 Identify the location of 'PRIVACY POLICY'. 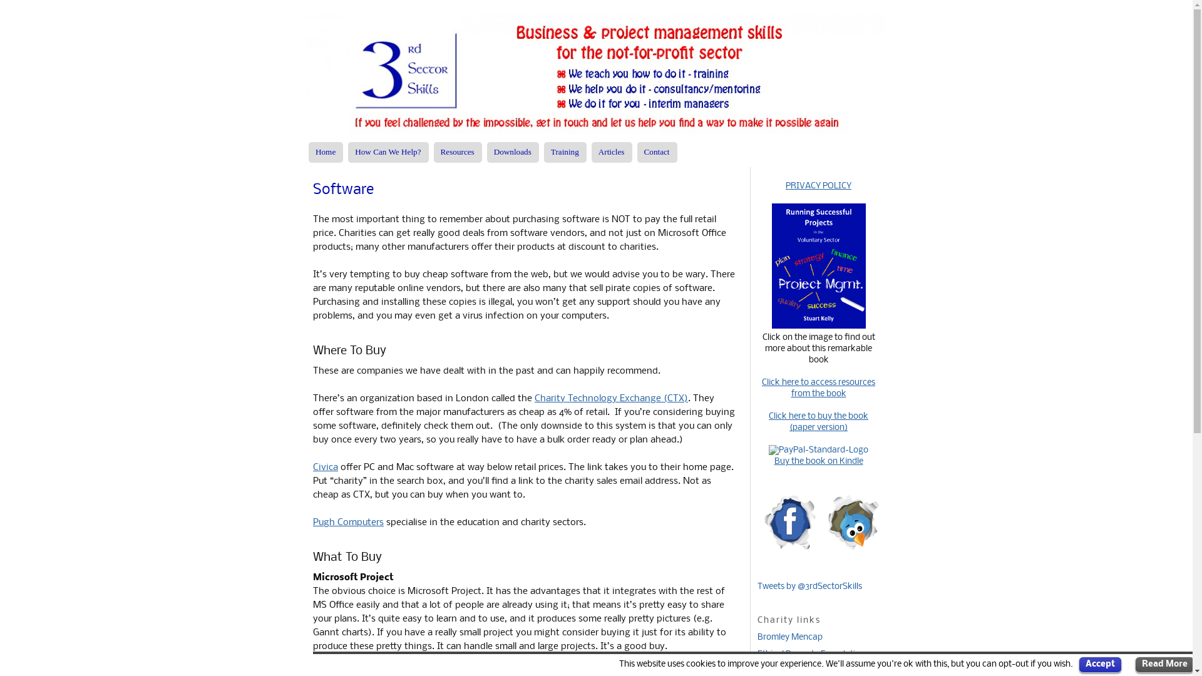
(818, 186).